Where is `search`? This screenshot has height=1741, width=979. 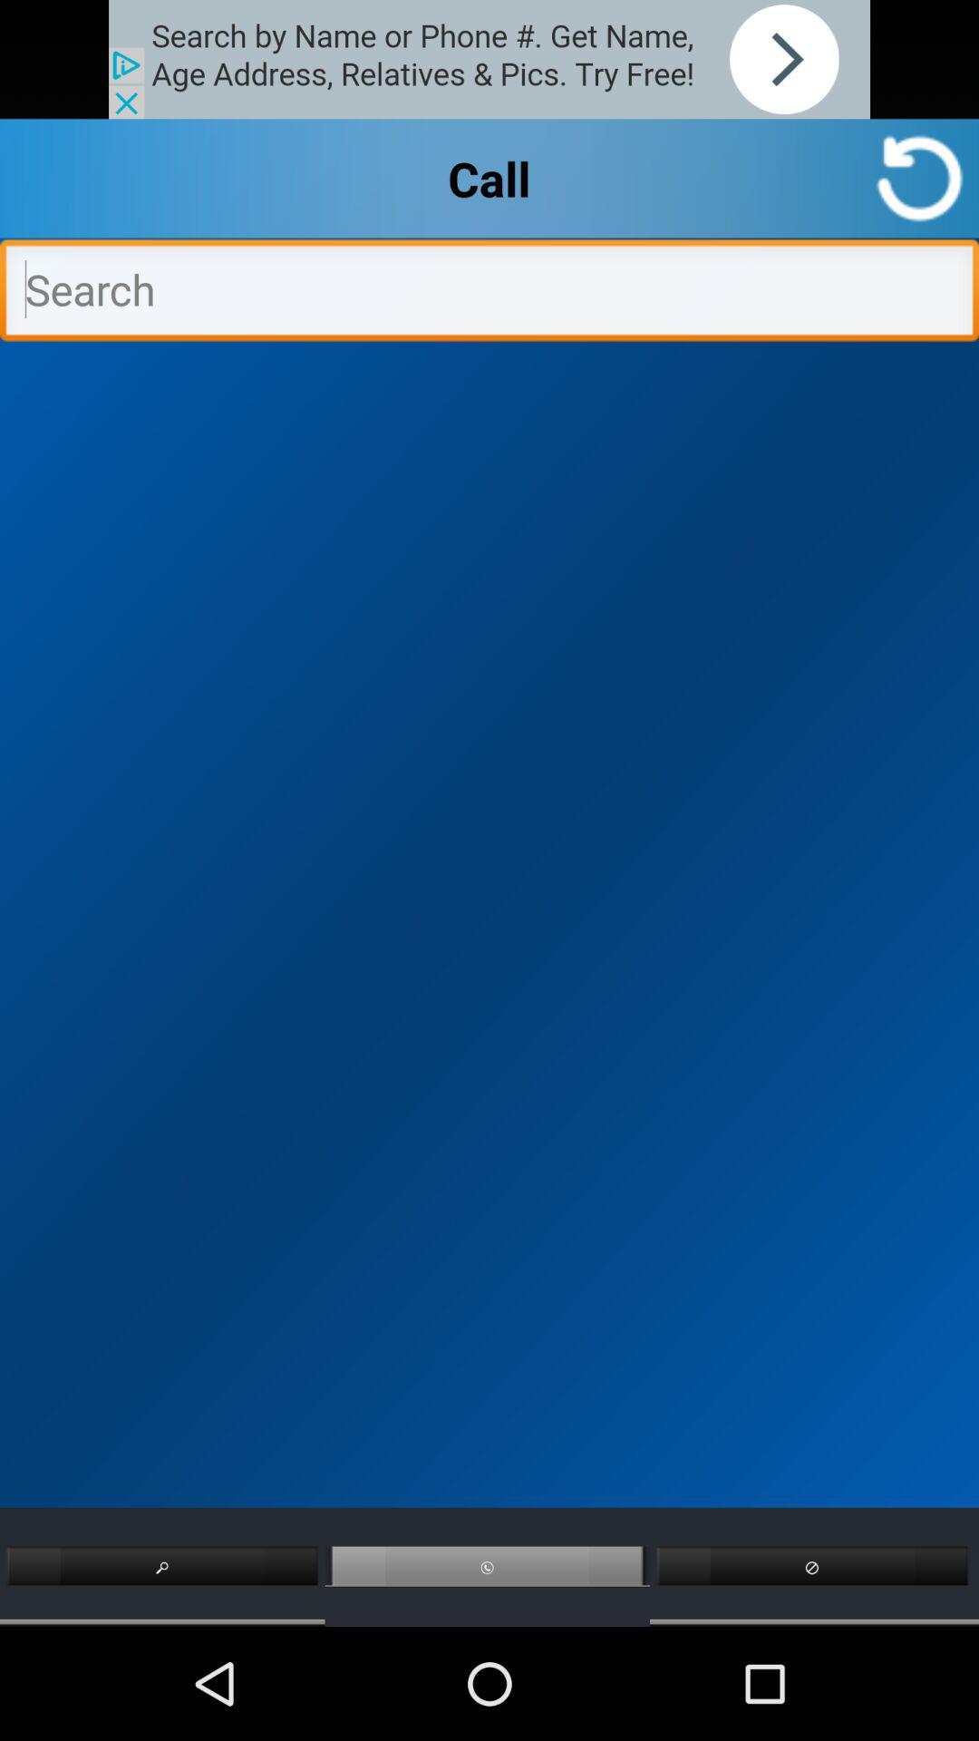
search is located at coordinates (489, 295).